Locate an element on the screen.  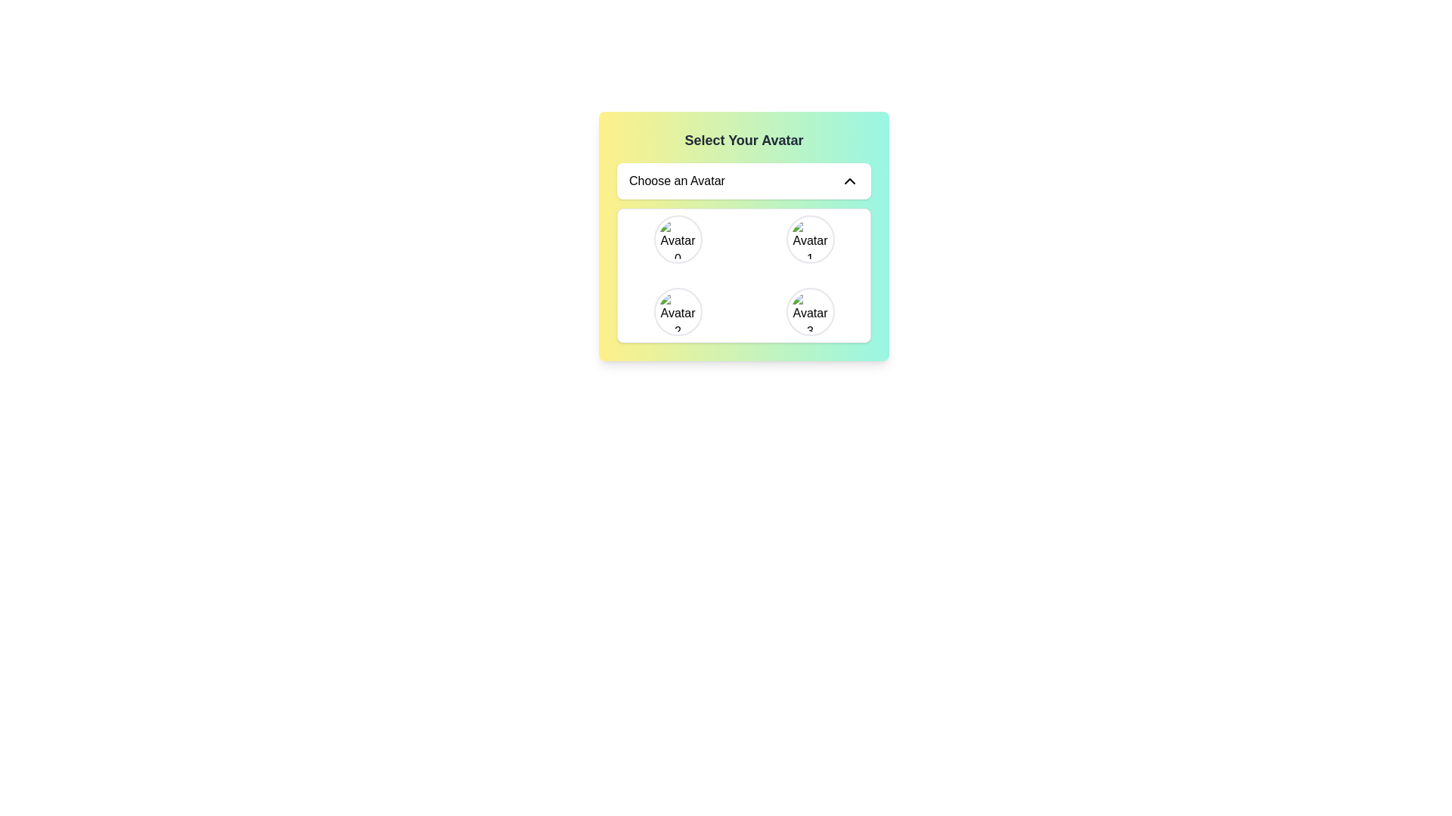
the Avatar selection item labeled 'Avatar 3' located in the bottom-right slot of a 2x2 grid within the 'Select Your Avatar' card layout is located at coordinates (809, 311).